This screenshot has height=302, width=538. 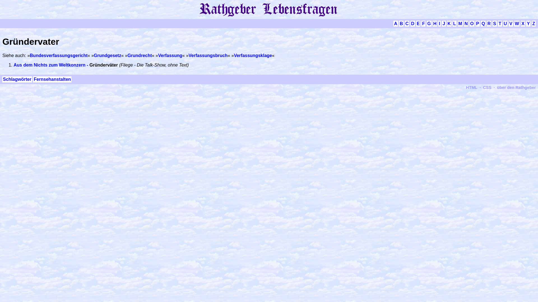 I want to click on 'Verfassungsklage', so click(x=252, y=55).